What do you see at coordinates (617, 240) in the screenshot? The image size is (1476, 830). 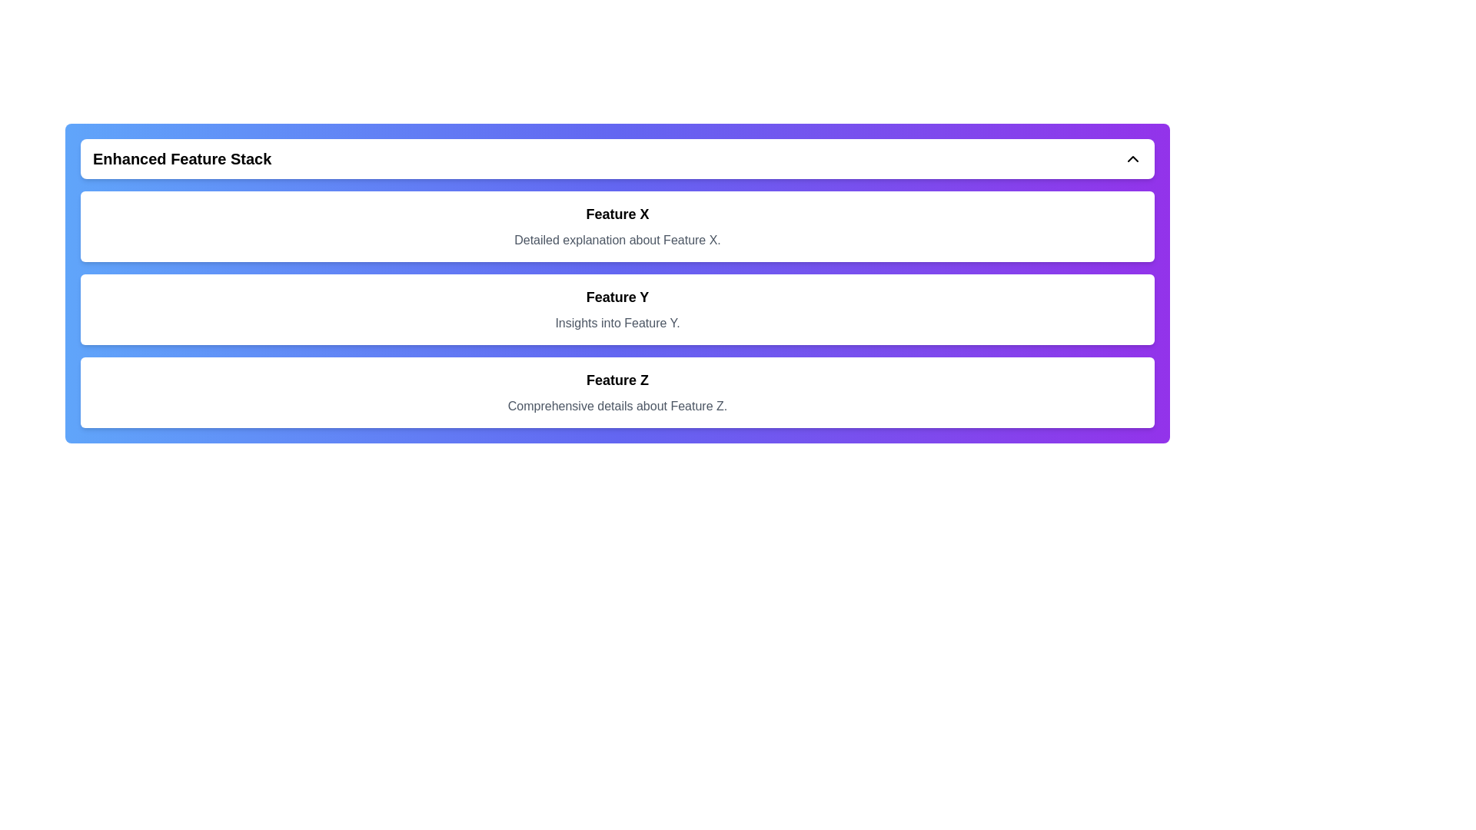 I see `the muted gray text snippet reading 'Detailed explanation about Feature X.' located beneath the title 'Feature X' in the card-style interface` at bounding box center [617, 240].